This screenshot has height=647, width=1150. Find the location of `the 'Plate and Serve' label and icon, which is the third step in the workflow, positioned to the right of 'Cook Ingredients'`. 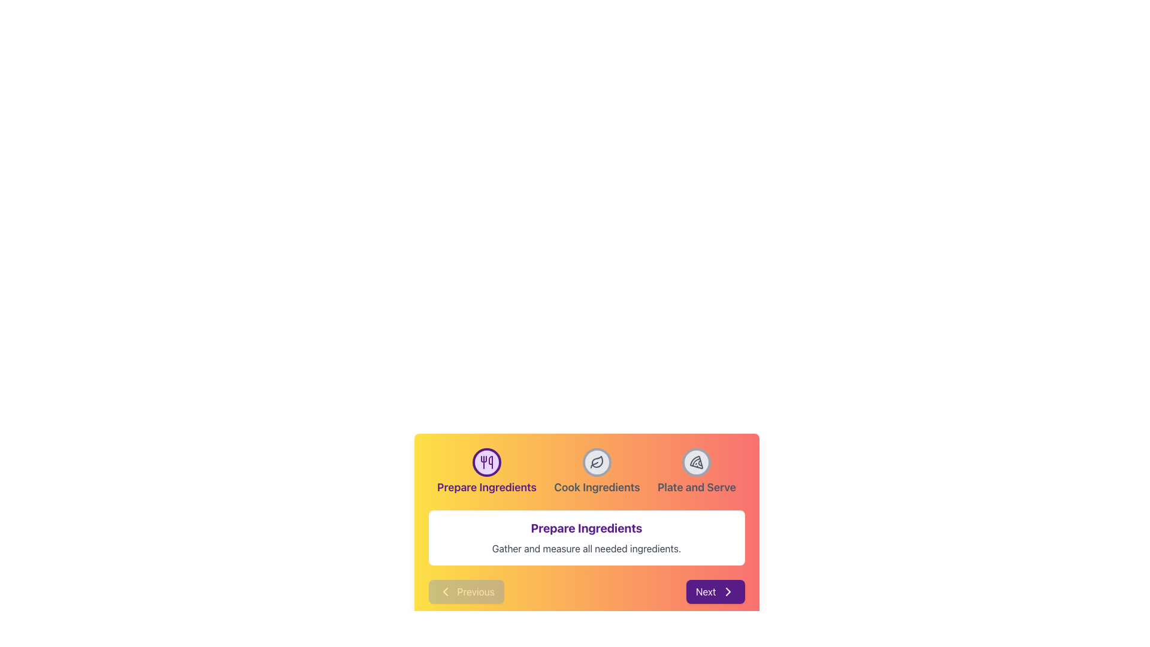

the 'Plate and Serve' label and icon, which is the third step in the workflow, positioned to the right of 'Cook Ingredients' is located at coordinates (697, 471).